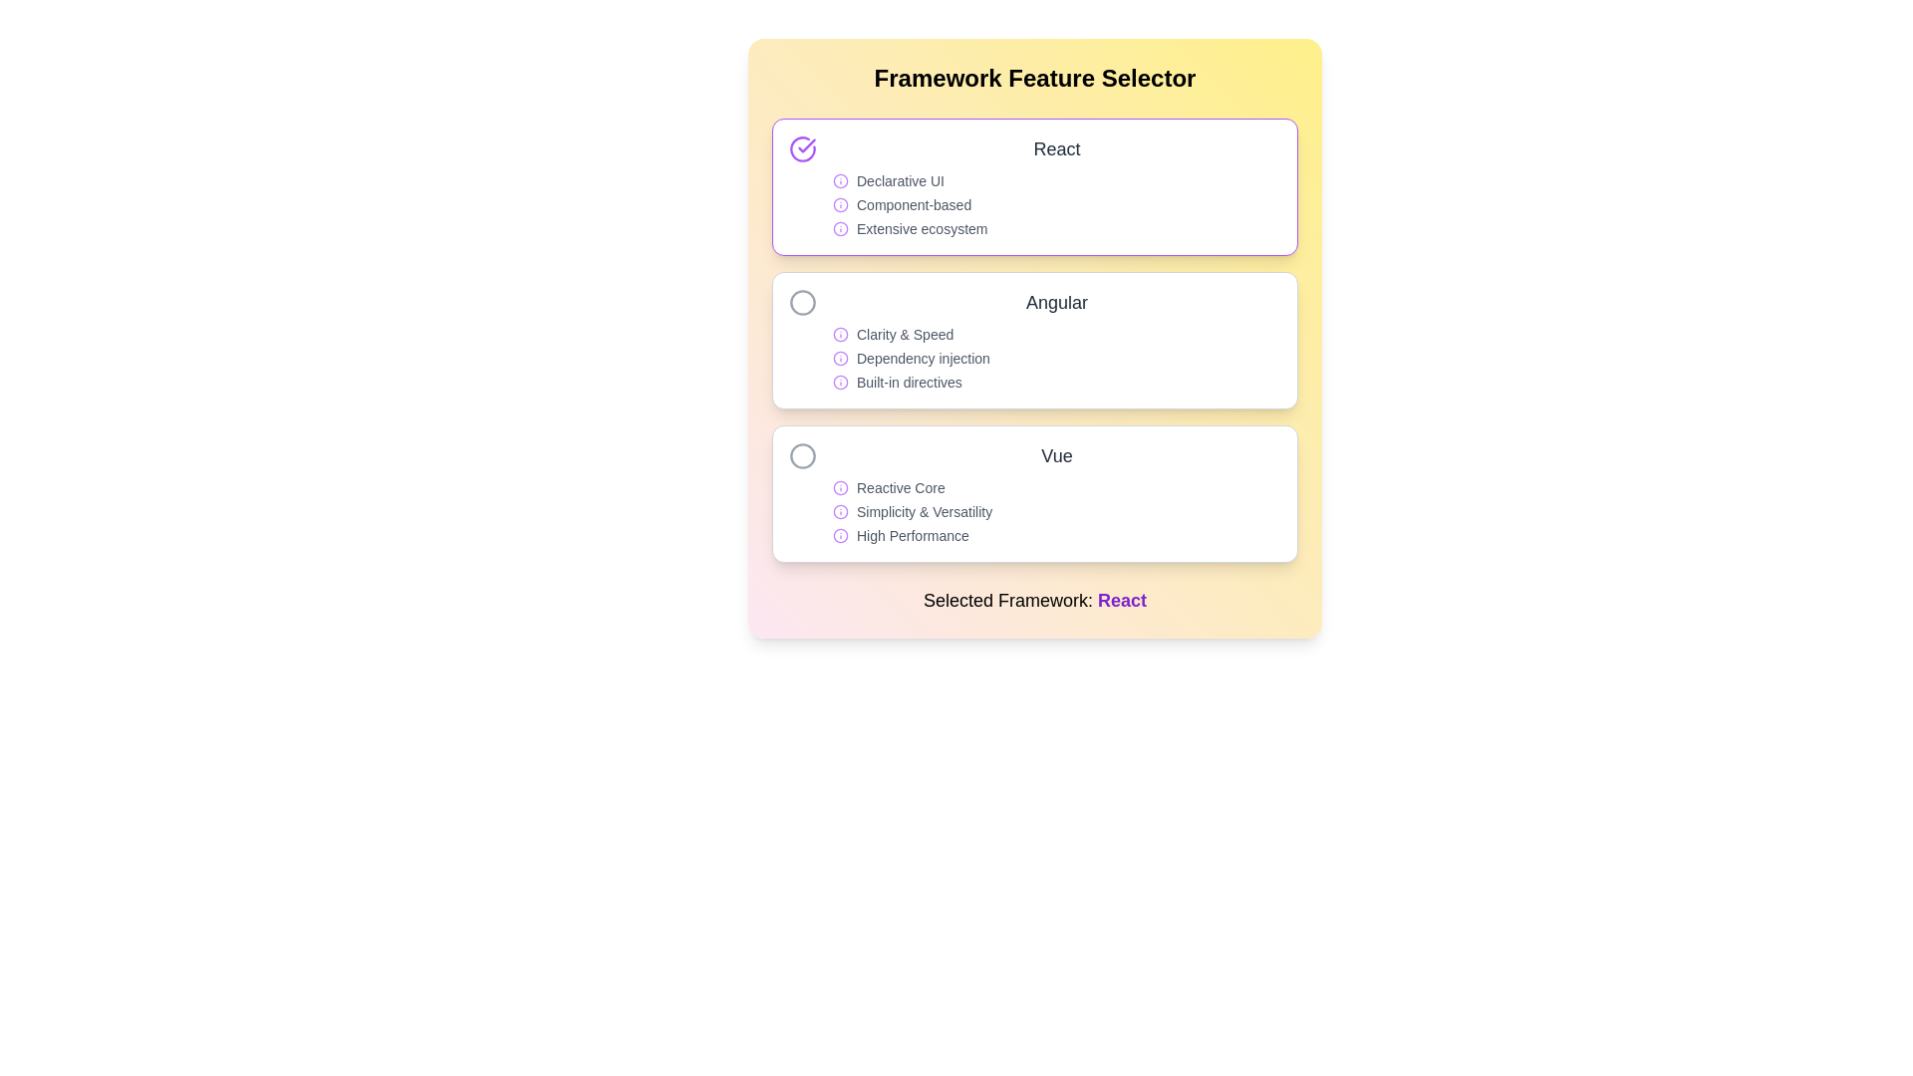 The height and width of the screenshot is (1076, 1913). What do you see at coordinates (803, 456) in the screenshot?
I see `the radio button located within the 'Vue' card, adjacent to the text 'Vue' and the descriptive items below` at bounding box center [803, 456].